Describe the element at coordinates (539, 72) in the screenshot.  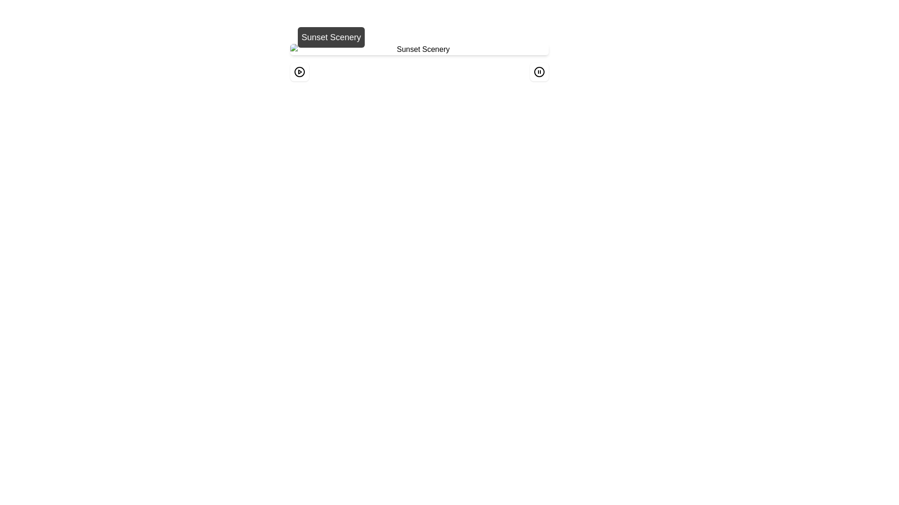
I see `the pause button located in the upper-right section of the interface` at that location.